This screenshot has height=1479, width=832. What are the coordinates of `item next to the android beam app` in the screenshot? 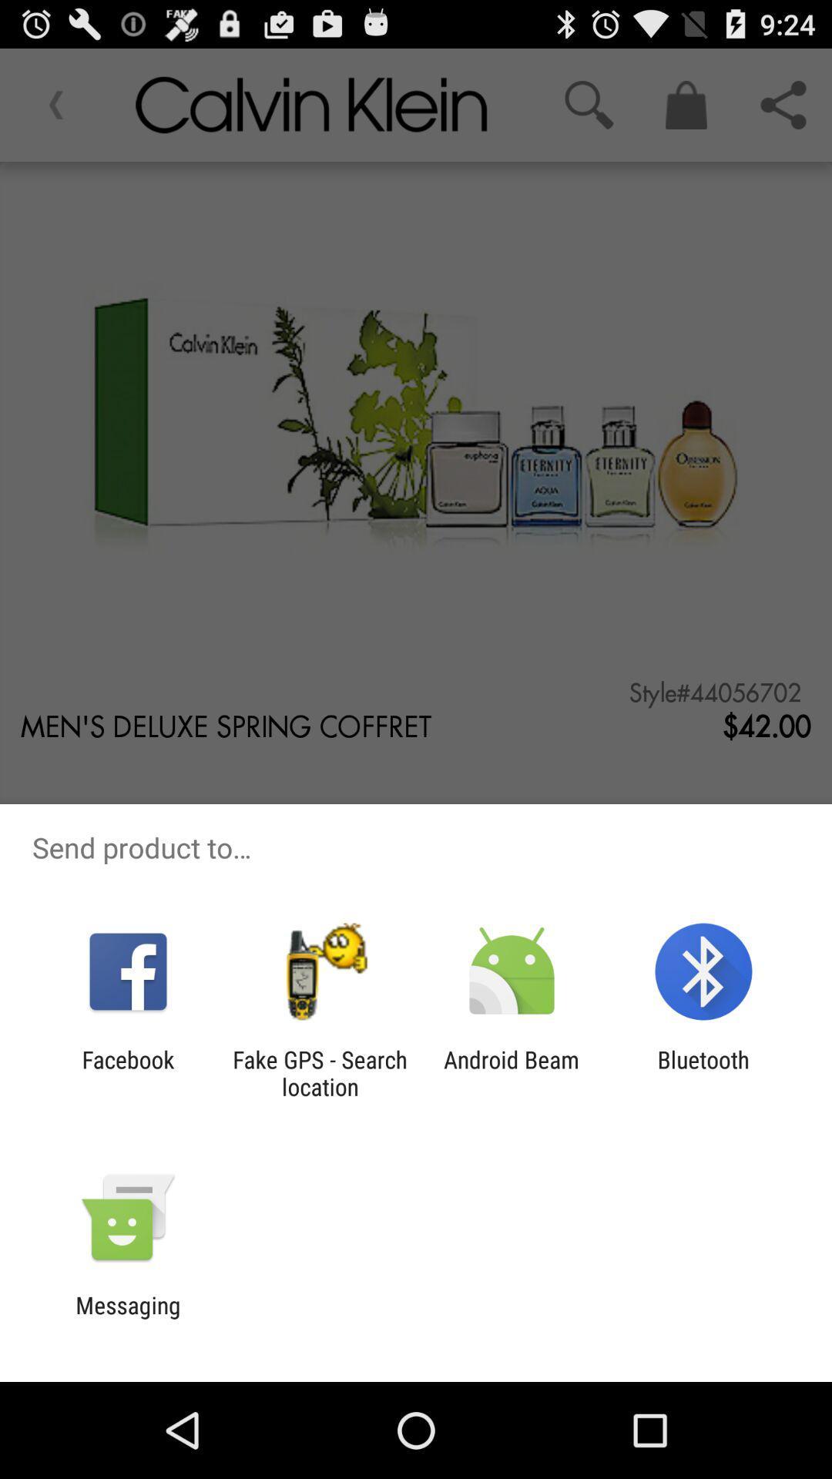 It's located at (319, 1072).